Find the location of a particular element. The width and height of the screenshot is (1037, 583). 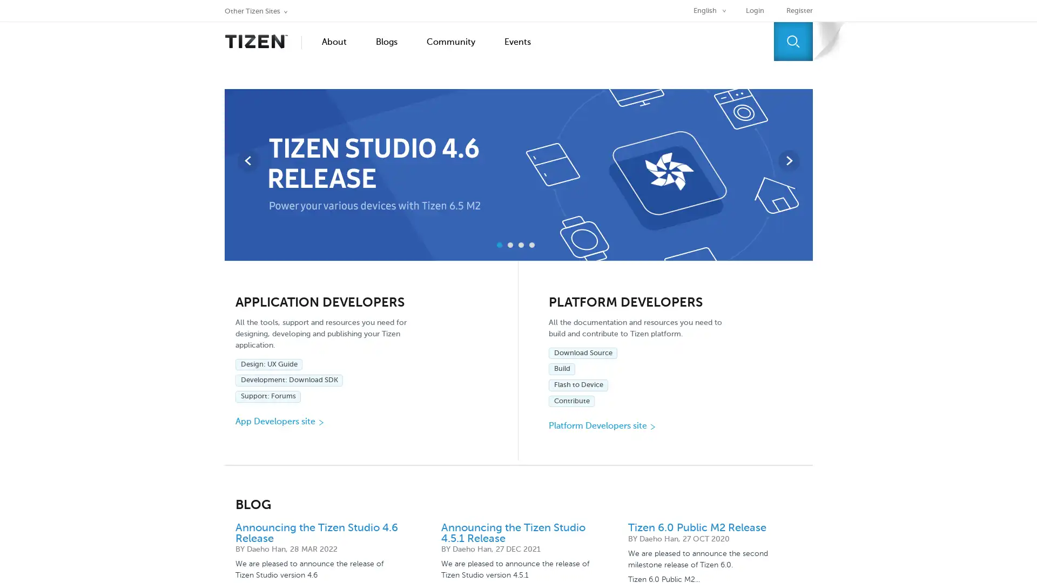

2 is located at coordinates (510, 245).